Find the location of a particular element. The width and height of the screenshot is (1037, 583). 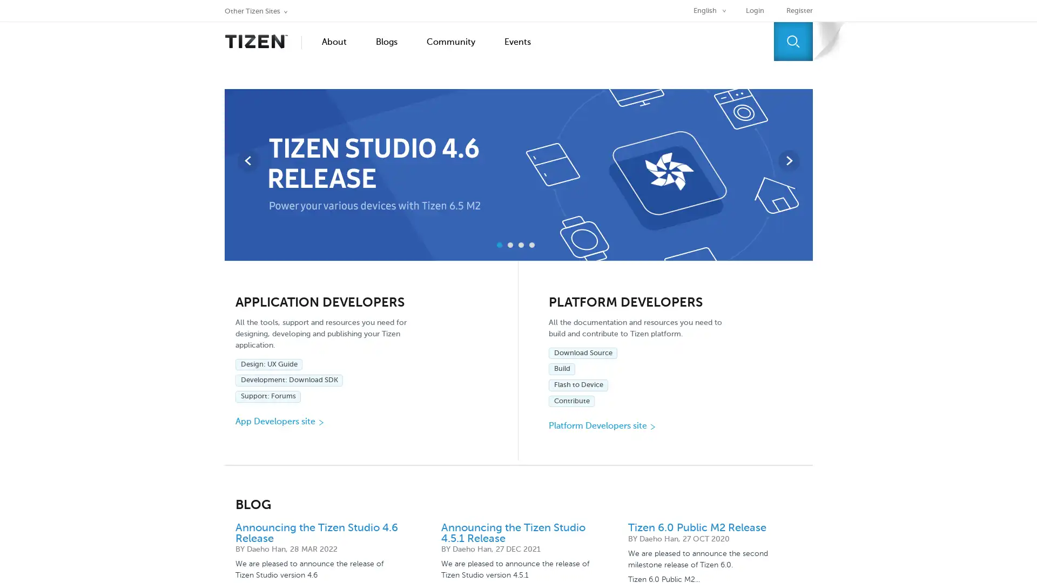

2 is located at coordinates (510, 245).